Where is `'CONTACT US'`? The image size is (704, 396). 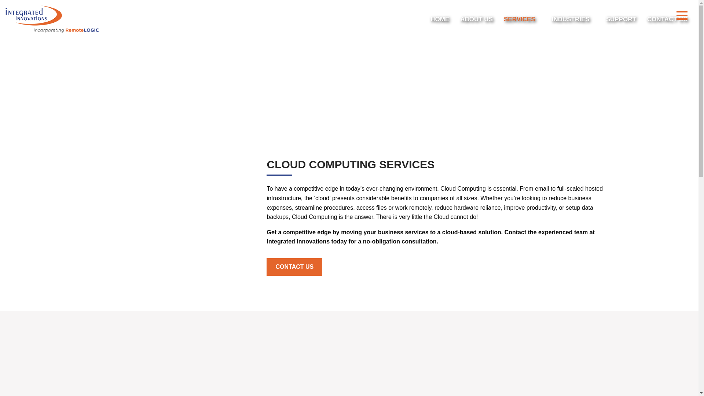 'CONTACT US' is located at coordinates (266, 267).